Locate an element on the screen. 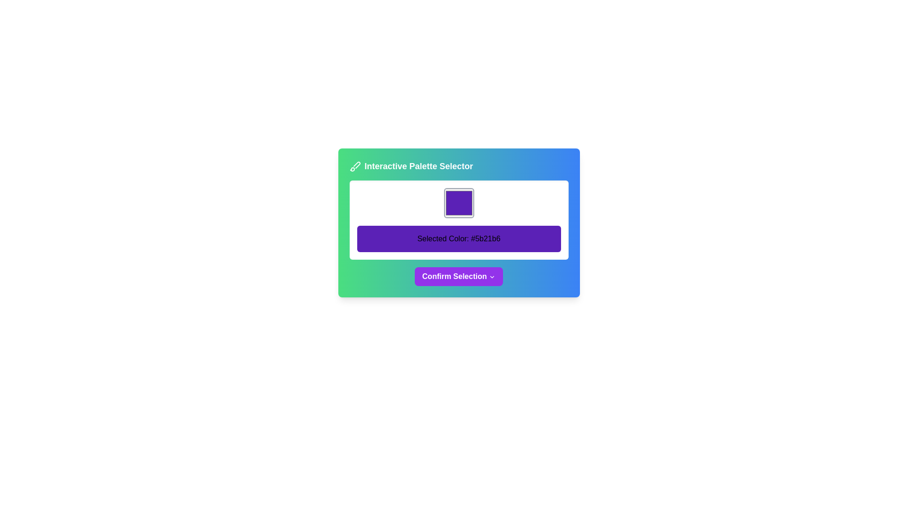  the purple rectangular text label displaying 'Selected Color: #5b21b6', which is centered within a larger white rectangle is located at coordinates (459, 238).